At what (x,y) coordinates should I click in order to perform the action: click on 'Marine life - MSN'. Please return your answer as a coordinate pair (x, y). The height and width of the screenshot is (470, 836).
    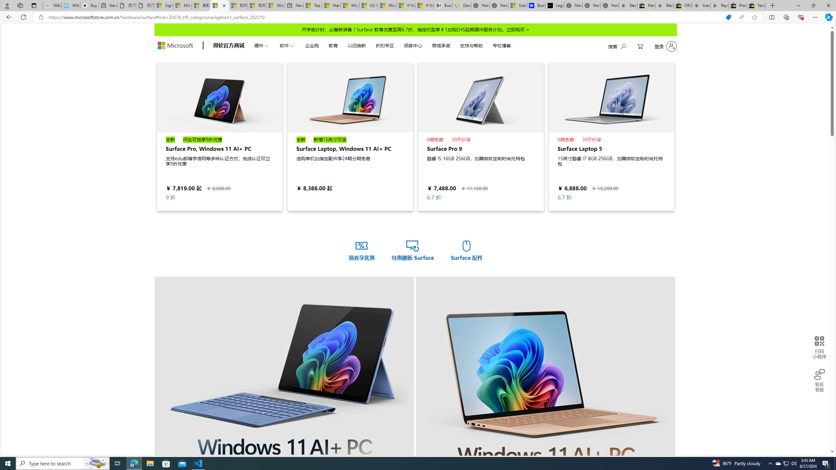
    Looking at the image, I should click on (331, 5).